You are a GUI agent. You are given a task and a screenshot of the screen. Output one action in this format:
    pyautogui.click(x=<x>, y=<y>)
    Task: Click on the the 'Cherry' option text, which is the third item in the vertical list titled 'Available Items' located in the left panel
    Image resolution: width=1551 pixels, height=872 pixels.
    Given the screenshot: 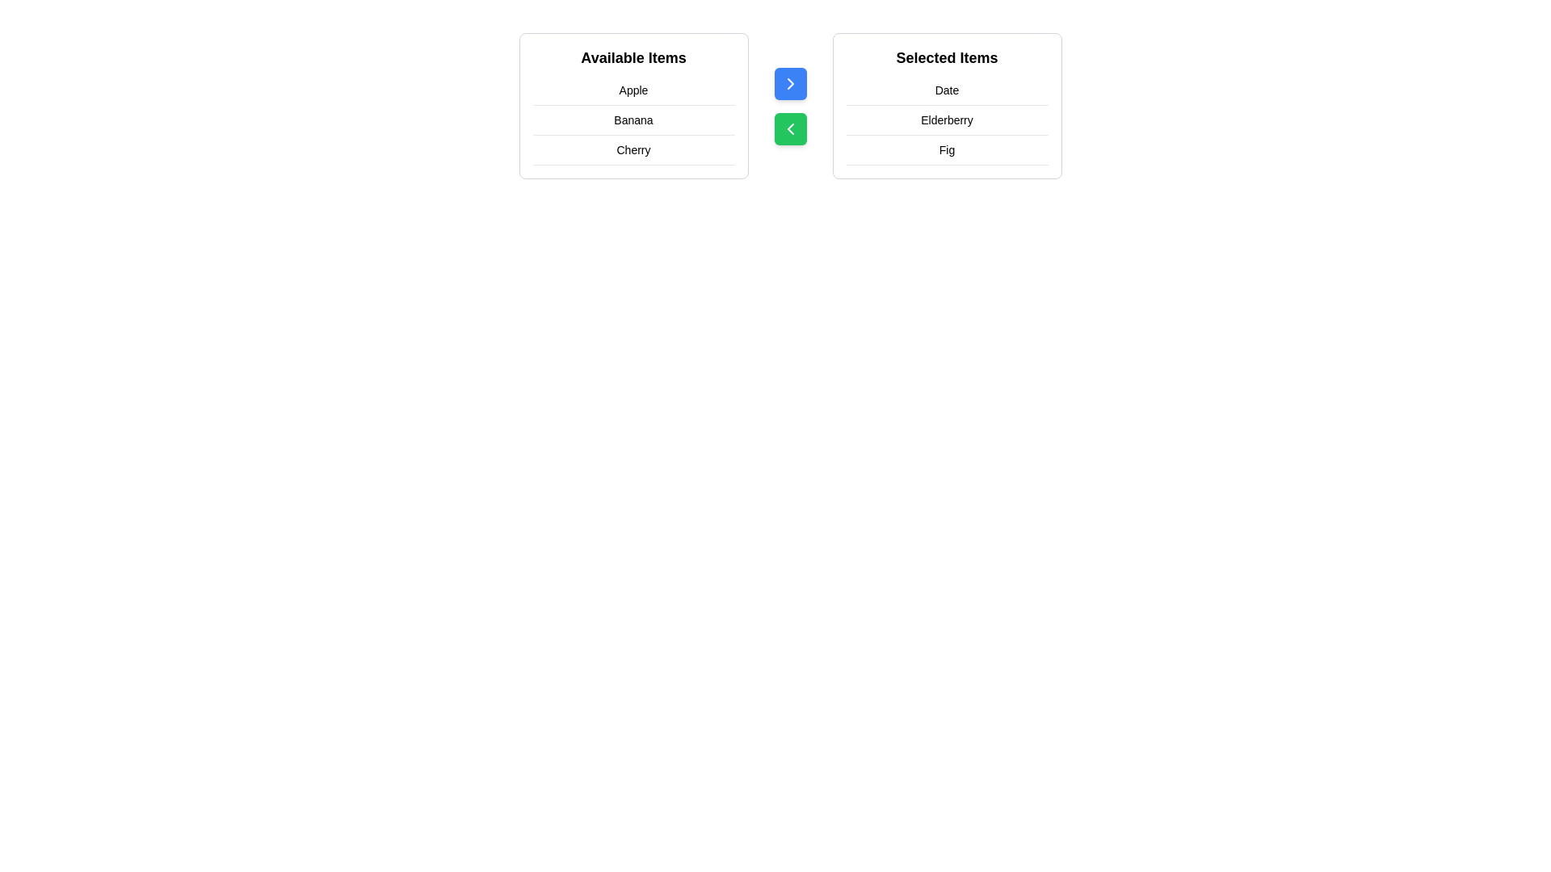 What is the action you would take?
    pyautogui.click(x=633, y=150)
    